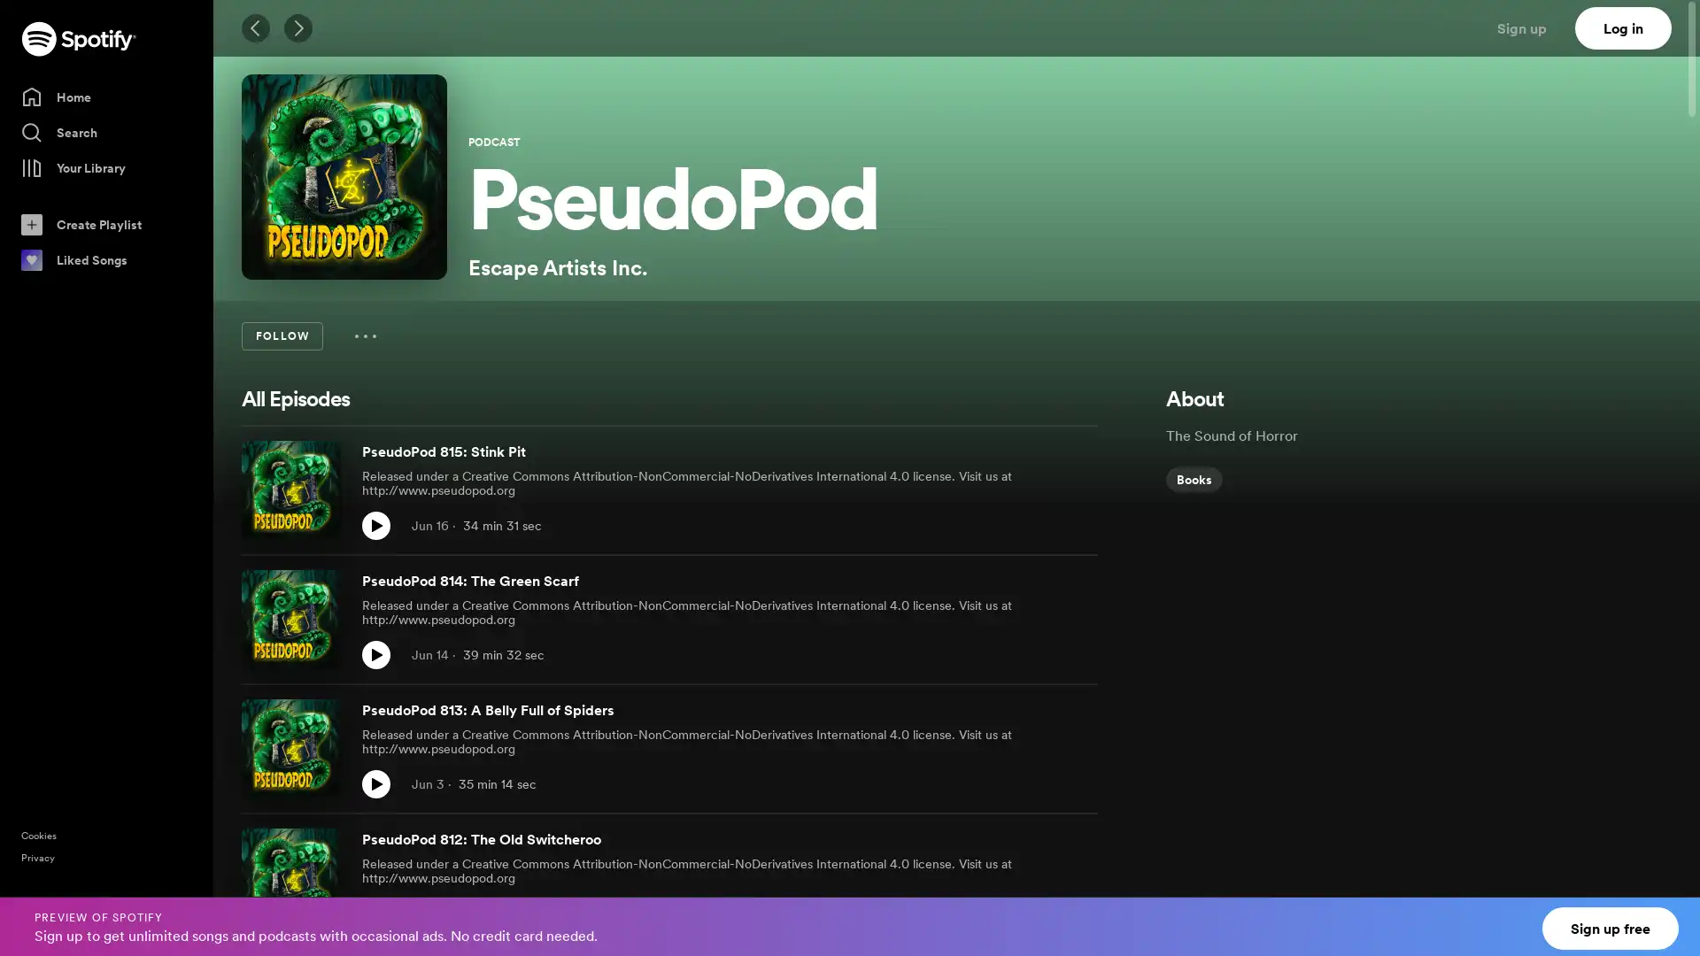 The height and width of the screenshot is (956, 1700). Describe the element at coordinates (375, 783) in the screenshot. I see `Play PseudoPod 813: A Belly Full of Spiders by PseudoPod` at that location.